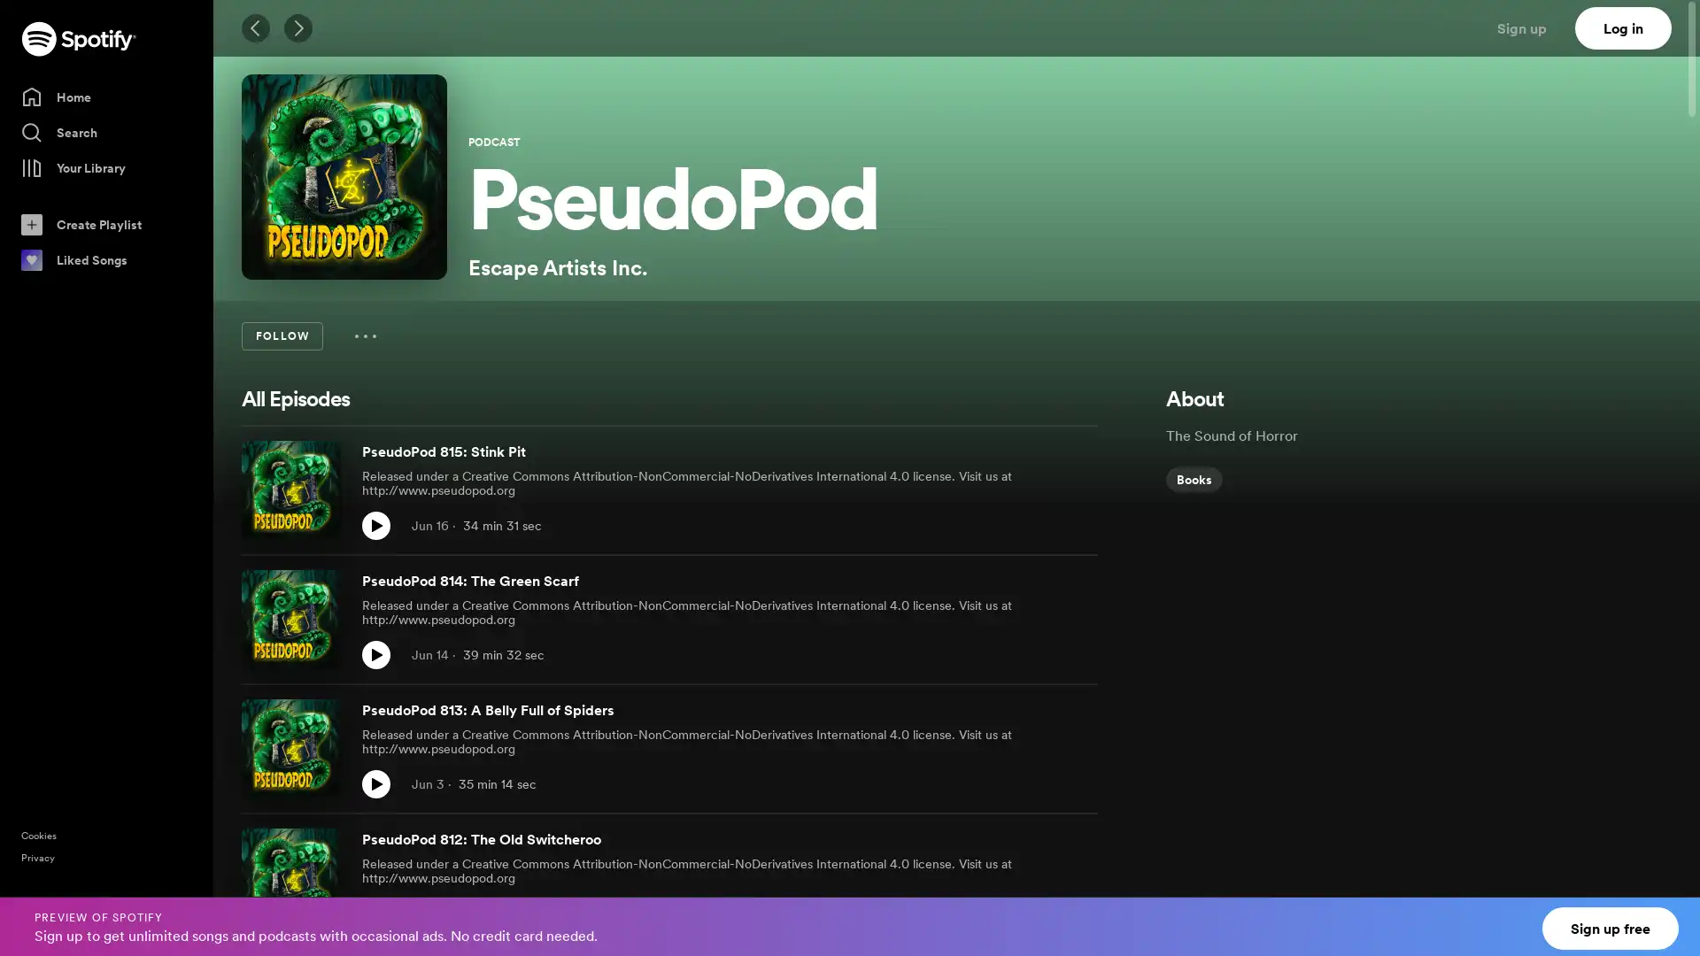 The height and width of the screenshot is (956, 1700). Describe the element at coordinates (375, 783) in the screenshot. I see `Play PseudoPod 813: A Belly Full of Spiders by PseudoPod` at that location.